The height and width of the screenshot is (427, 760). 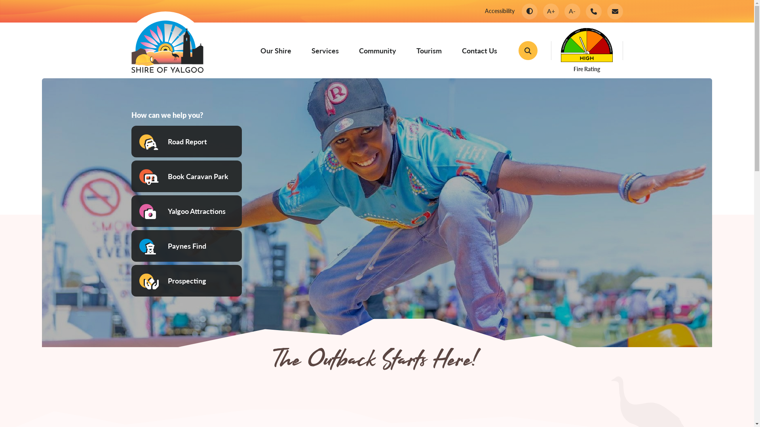 What do you see at coordinates (429, 50) in the screenshot?
I see `'Tourism'` at bounding box center [429, 50].